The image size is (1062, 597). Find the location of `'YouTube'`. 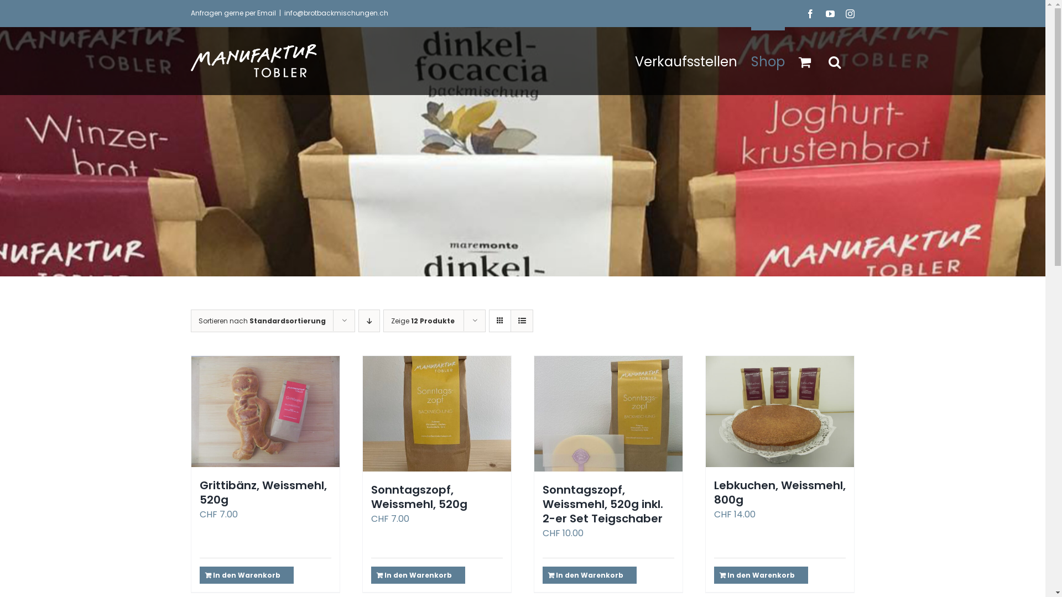

'YouTube' is located at coordinates (830, 13).